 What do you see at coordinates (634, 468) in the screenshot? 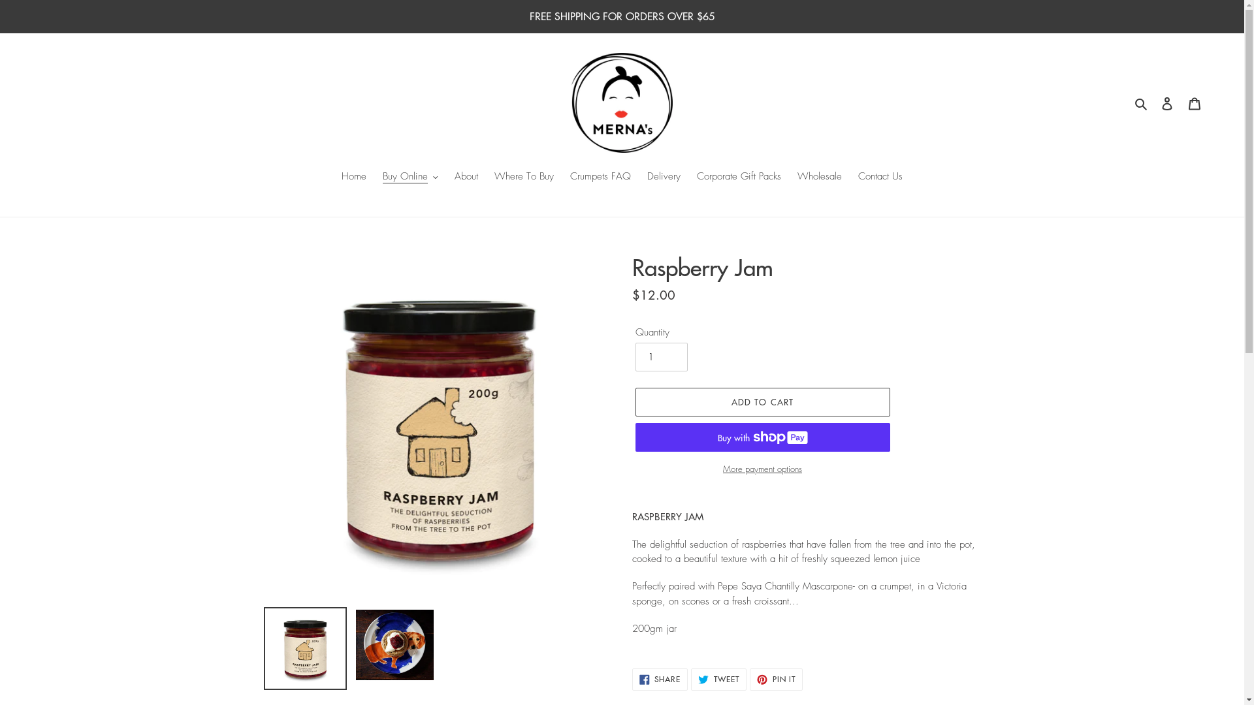
I see `'More payment options'` at bounding box center [634, 468].